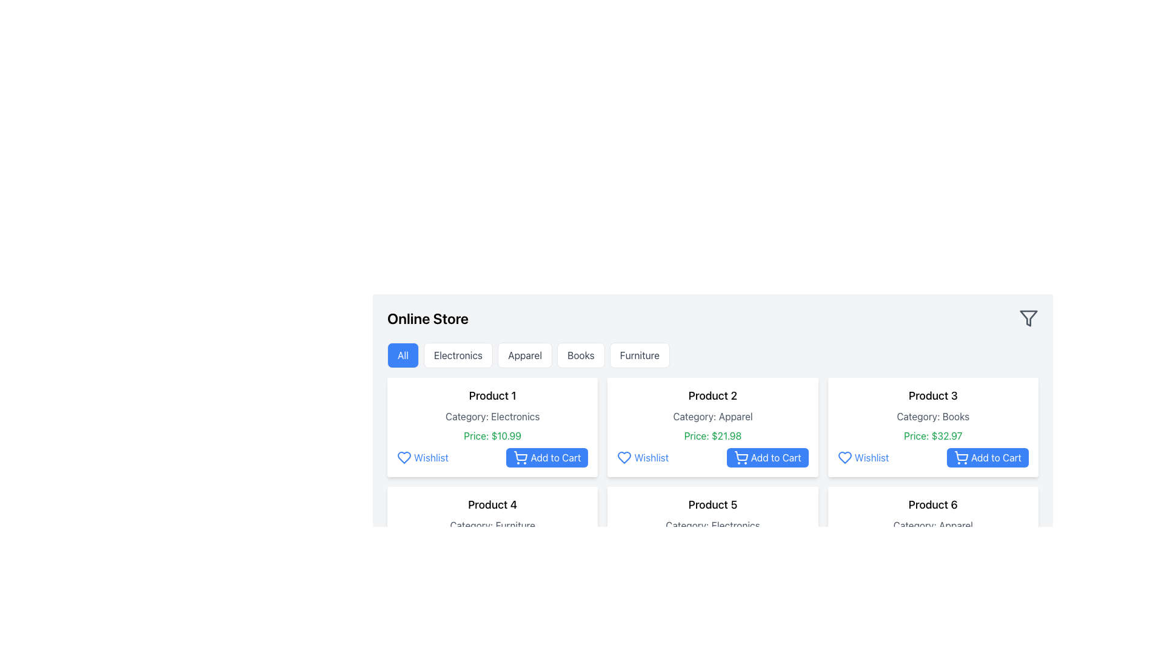 This screenshot has width=1164, height=654. I want to click on the triangular-shaped drawing resembling an inverted funnel inside the filter icon located at the top-right corner of the interface, so click(1028, 317).